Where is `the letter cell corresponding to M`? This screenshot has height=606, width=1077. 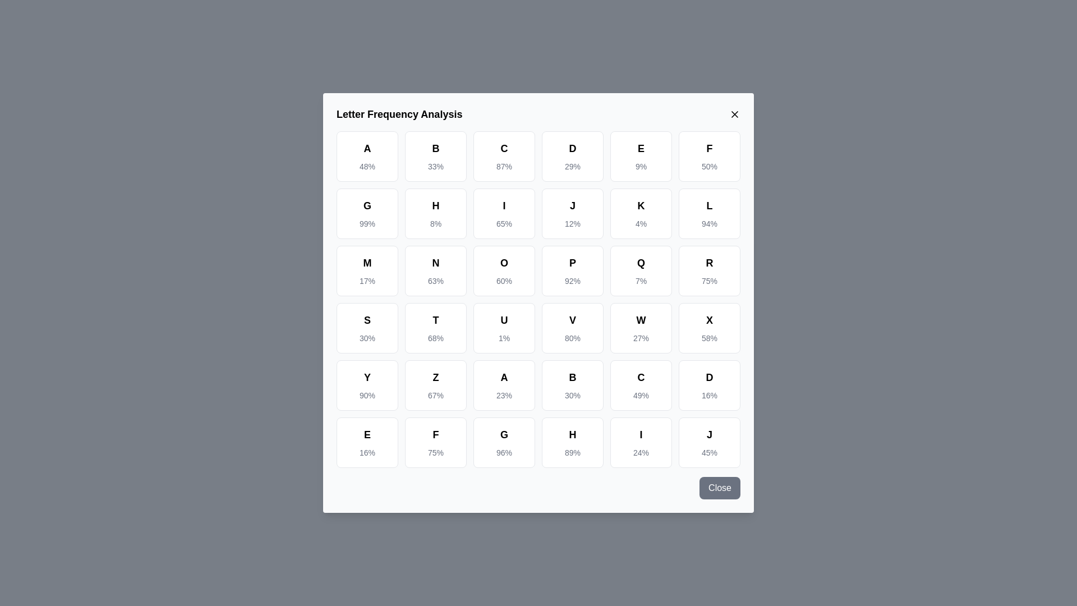 the letter cell corresponding to M is located at coordinates (367, 270).